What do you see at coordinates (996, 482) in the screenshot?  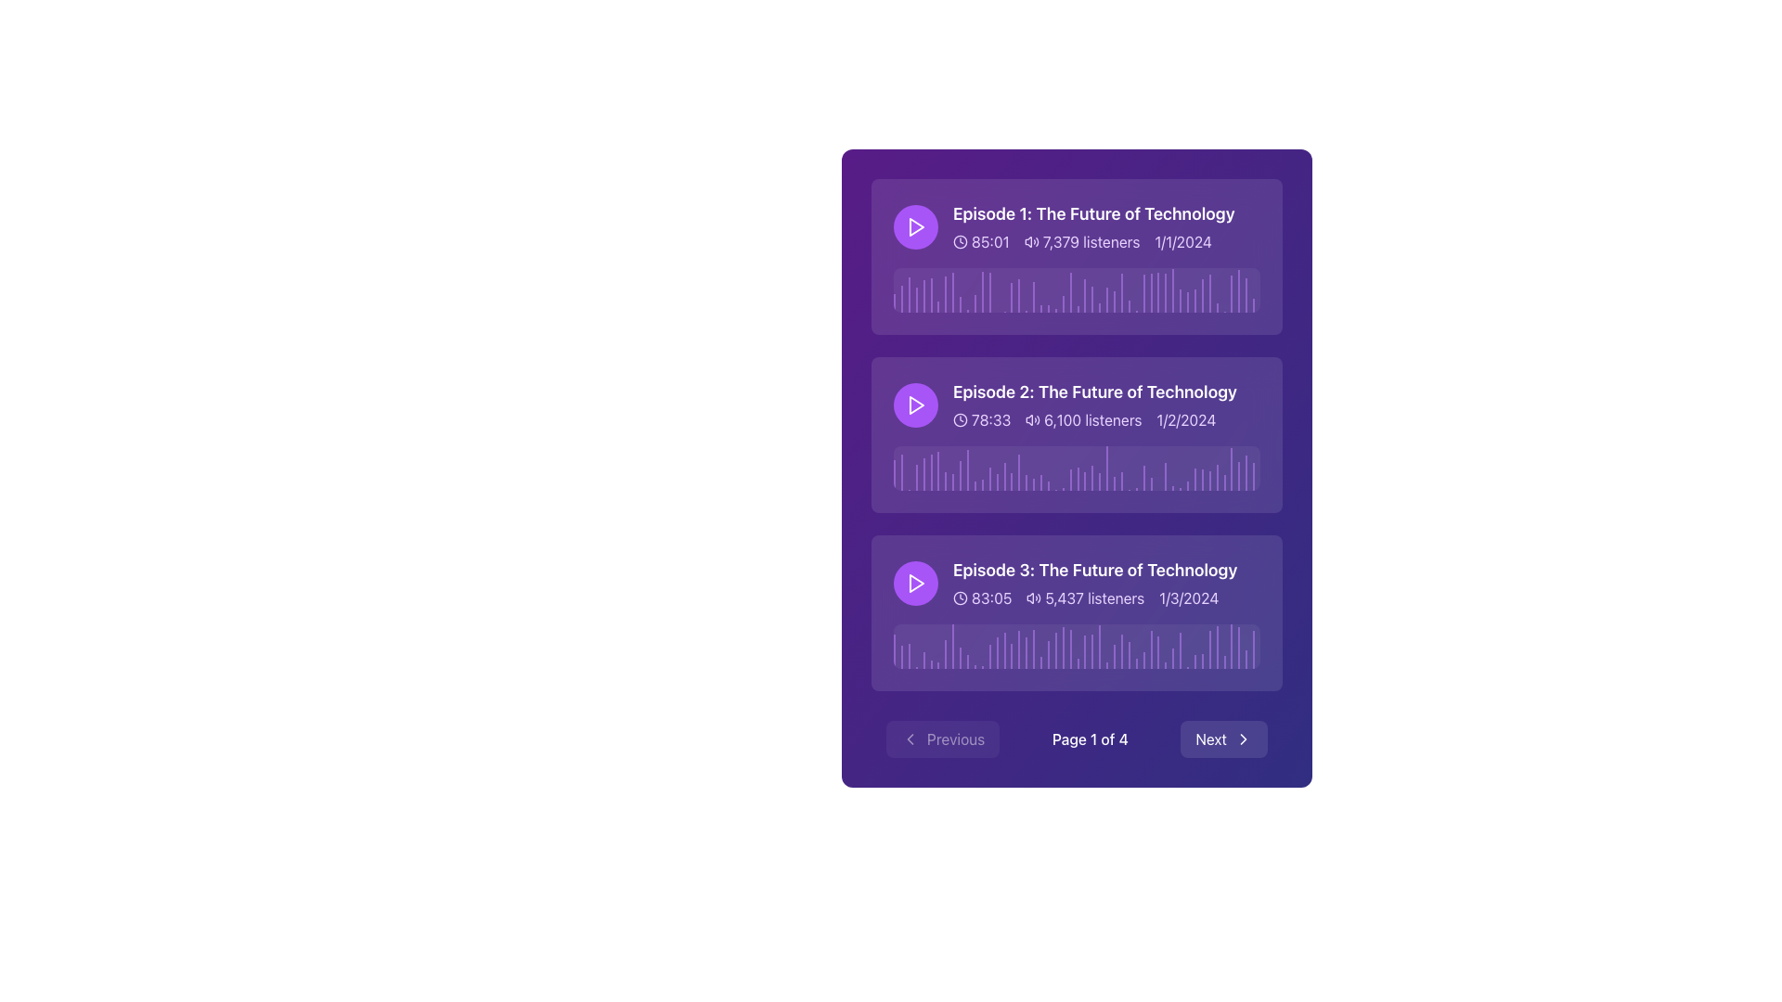 I see `details of the progress marker visual indicator located within the second waveform representation, which indicates the current playback position` at bounding box center [996, 482].